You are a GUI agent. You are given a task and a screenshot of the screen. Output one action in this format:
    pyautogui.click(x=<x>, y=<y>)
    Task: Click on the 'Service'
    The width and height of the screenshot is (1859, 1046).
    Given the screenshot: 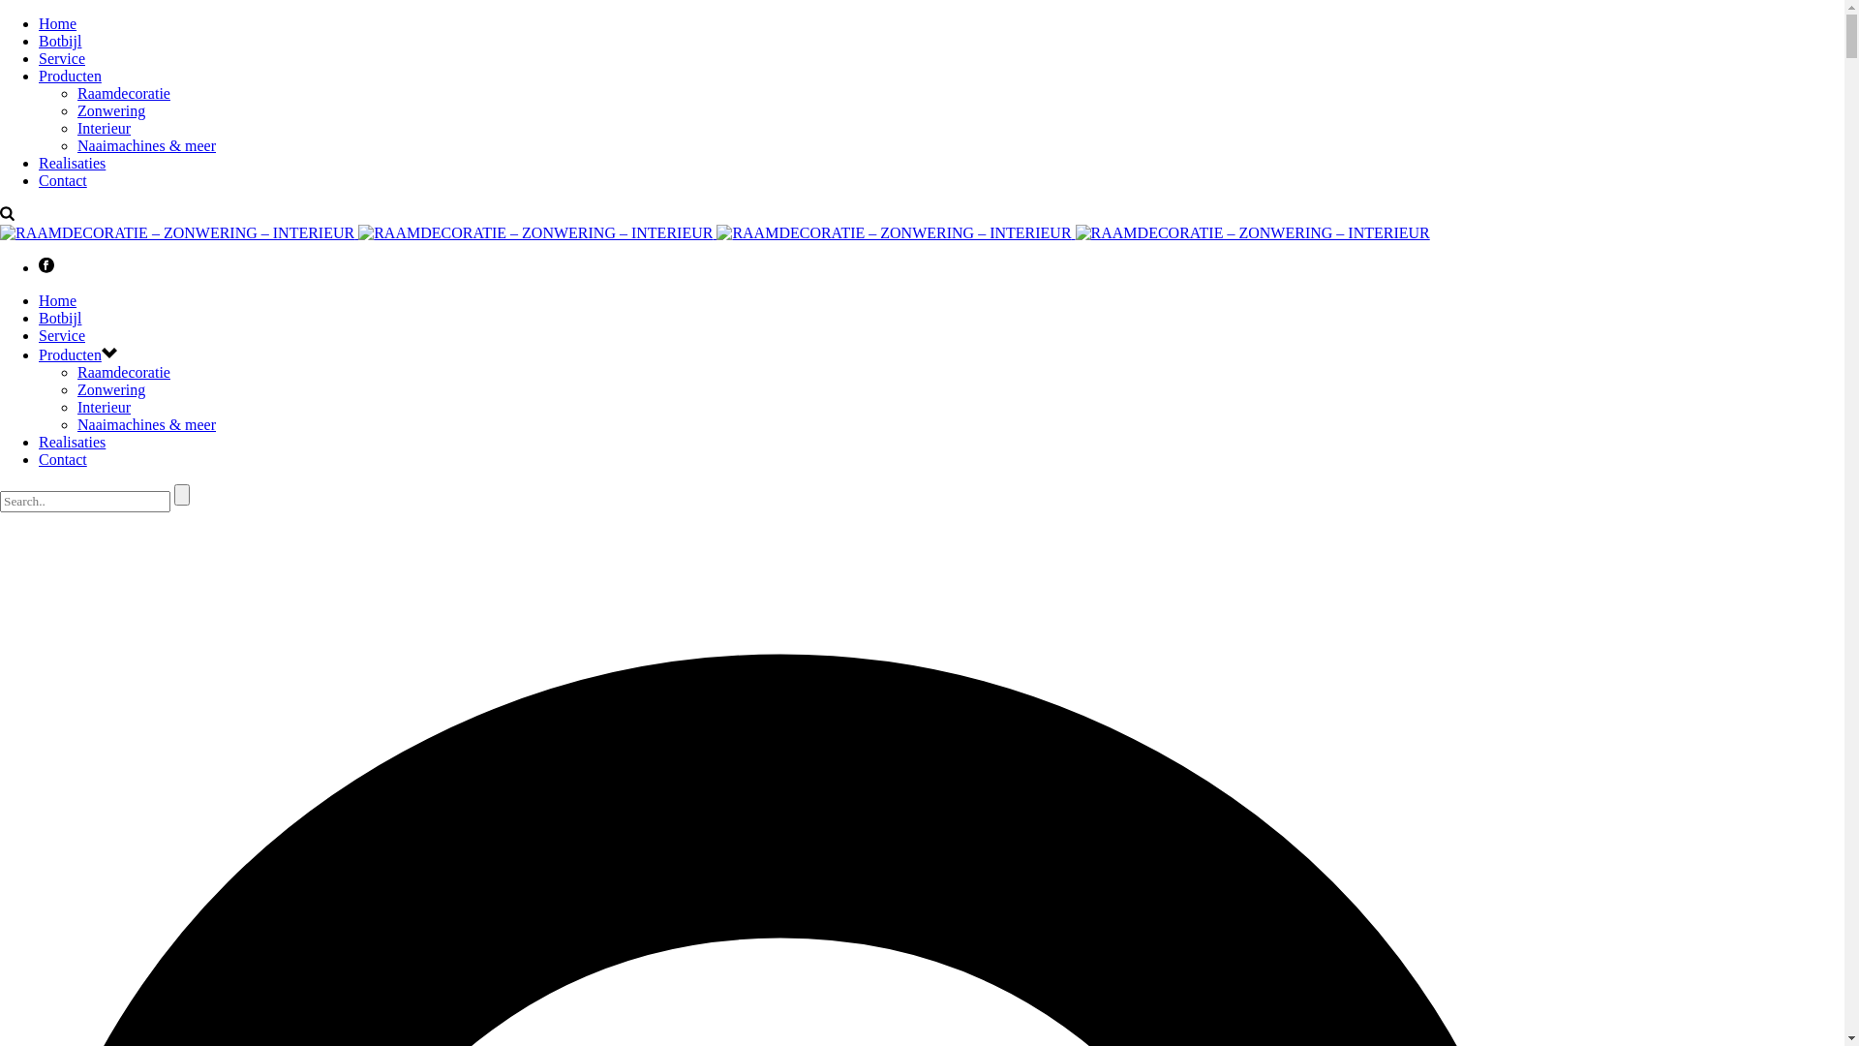 What is the action you would take?
    pyautogui.click(x=61, y=334)
    